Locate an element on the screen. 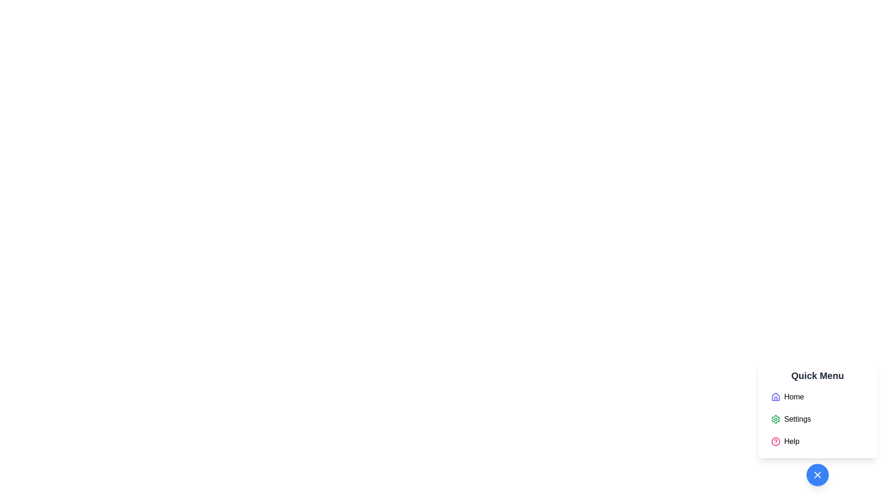  the close button located at the bottom-right corner of the interface, which is a blue circular button used to dismiss the quick menu is located at coordinates (818, 475).